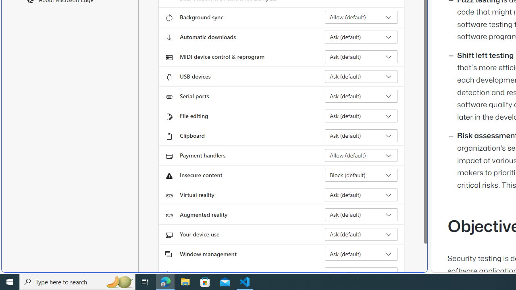 This screenshot has width=516, height=290. I want to click on 'Automatic downloads Ask (default)', so click(361, 37).